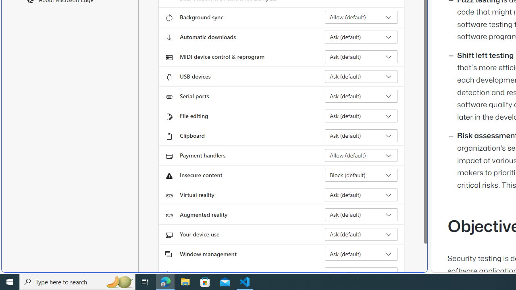 This screenshot has width=516, height=290. I want to click on 'Automatic downloads Ask (default)', so click(361, 37).